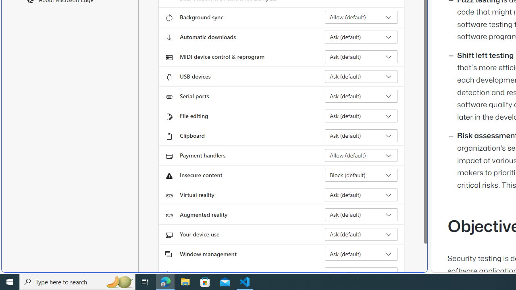 This screenshot has width=516, height=290. I want to click on 'Automatic downloads Ask (default)', so click(361, 37).